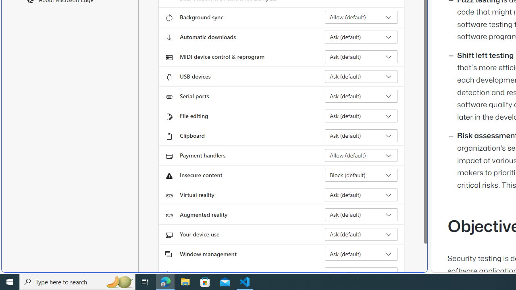 This screenshot has width=516, height=290. I want to click on 'Automatic downloads Ask (default)', so click(361, 37).